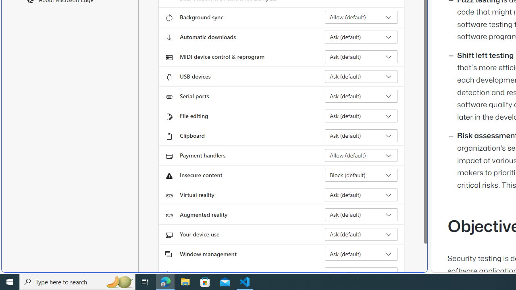 This screenshot has width=516, height=290. I want to click on 'Automatic downloads Ask (default)', so click(361, 37).